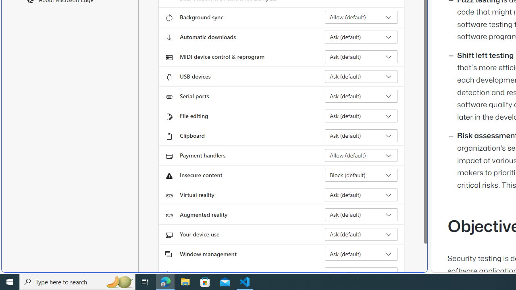 This screenshot has width=516, height=290. I want to click on 'Automatic downloads Ask (default)', so click(361, 37).